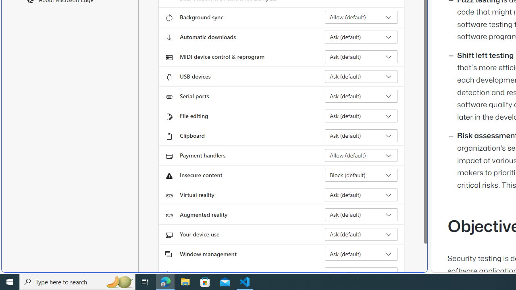 This screenshot has width=516, height=290. I want to click on 'Automatic downloads Ask (default)', so click(361, 37).